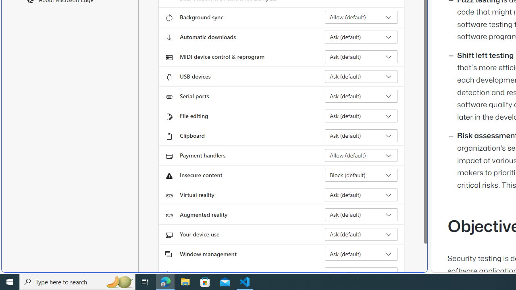 This screenshot has width=516, height=290. I want to click on 'Automatic downloads Ask (default)', so click(361, 37).